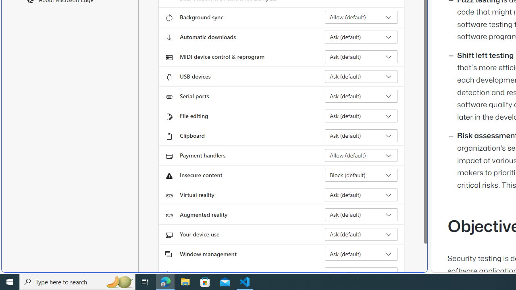 This screenshot has width=516, height=290. I want to click on 'Automatic downloads Ask (default)', so click(361, 37).